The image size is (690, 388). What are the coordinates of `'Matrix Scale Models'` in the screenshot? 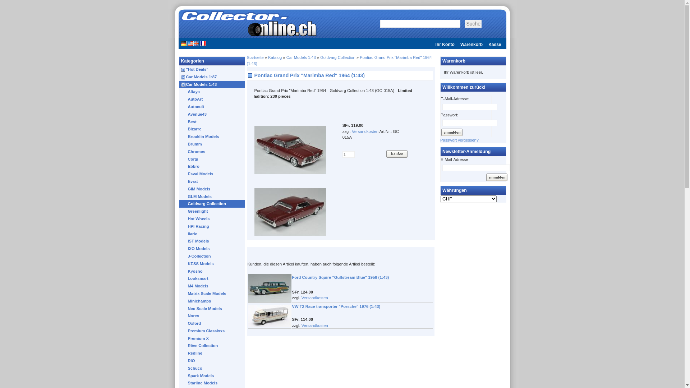 It's located at (213, 294).